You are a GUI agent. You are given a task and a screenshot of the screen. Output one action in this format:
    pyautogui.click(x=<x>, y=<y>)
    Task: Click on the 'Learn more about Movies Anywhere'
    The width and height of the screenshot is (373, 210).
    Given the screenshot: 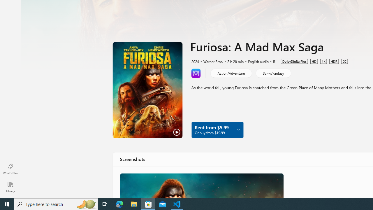 What is the action you would take?
    pyautogui.click(x=196, y=73)
    